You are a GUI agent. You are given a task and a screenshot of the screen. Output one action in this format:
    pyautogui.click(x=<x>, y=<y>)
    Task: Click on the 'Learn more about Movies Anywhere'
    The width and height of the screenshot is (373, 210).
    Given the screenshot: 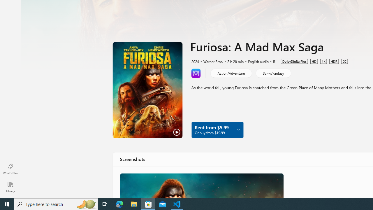 What is the action you would take?
    pyautogui.click(x=196, y=73)
    